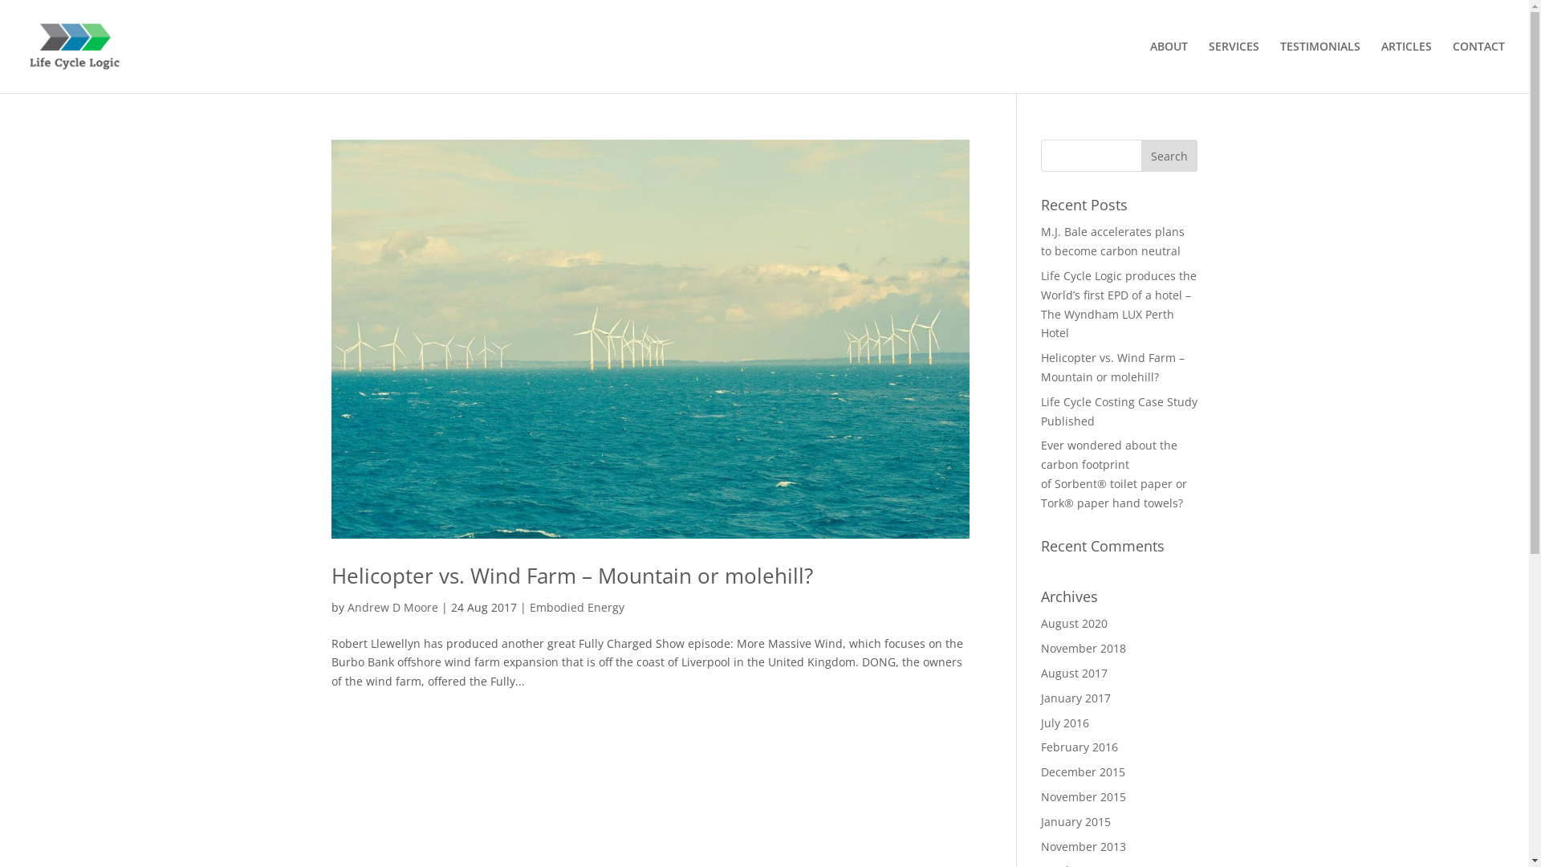 Image resolution: width=1541 pixels, height=867 pixels. Describe the element at coordinates (1079, 747) in the screenshot. I see `'February 2016'` at that location.